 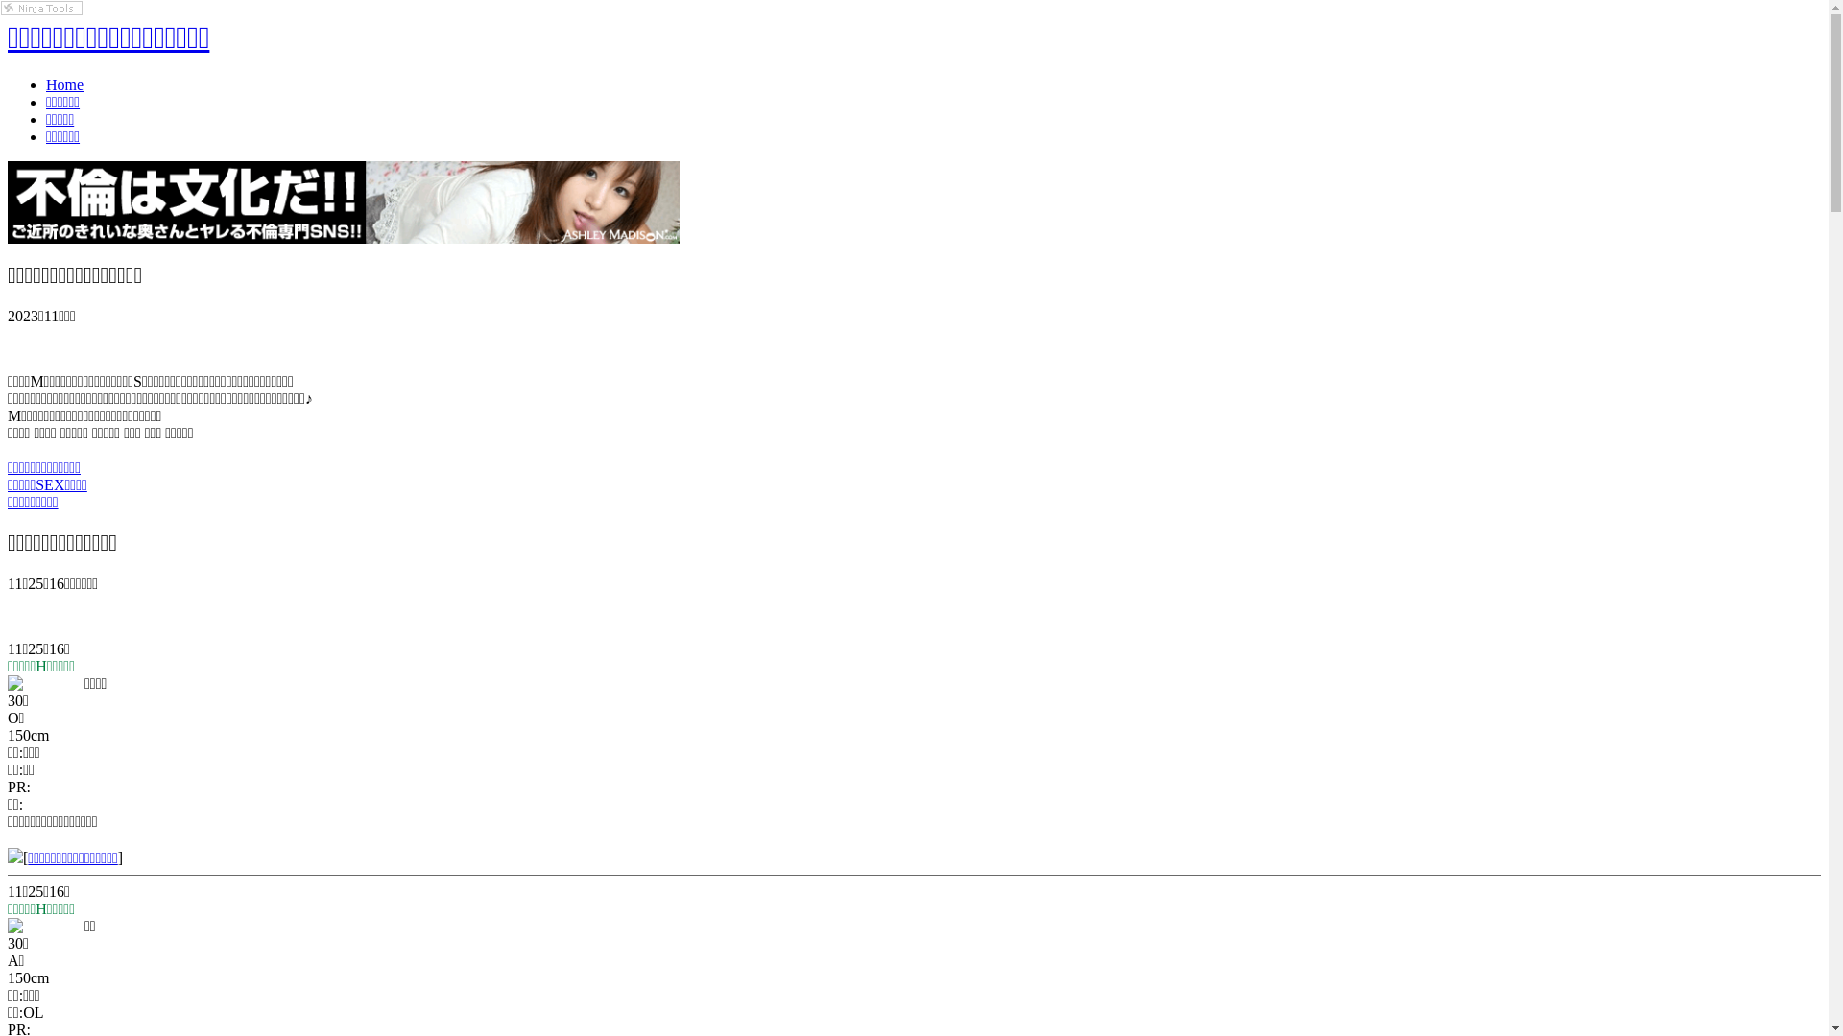 I want to click on 'Home', so click(x=64, y=83).